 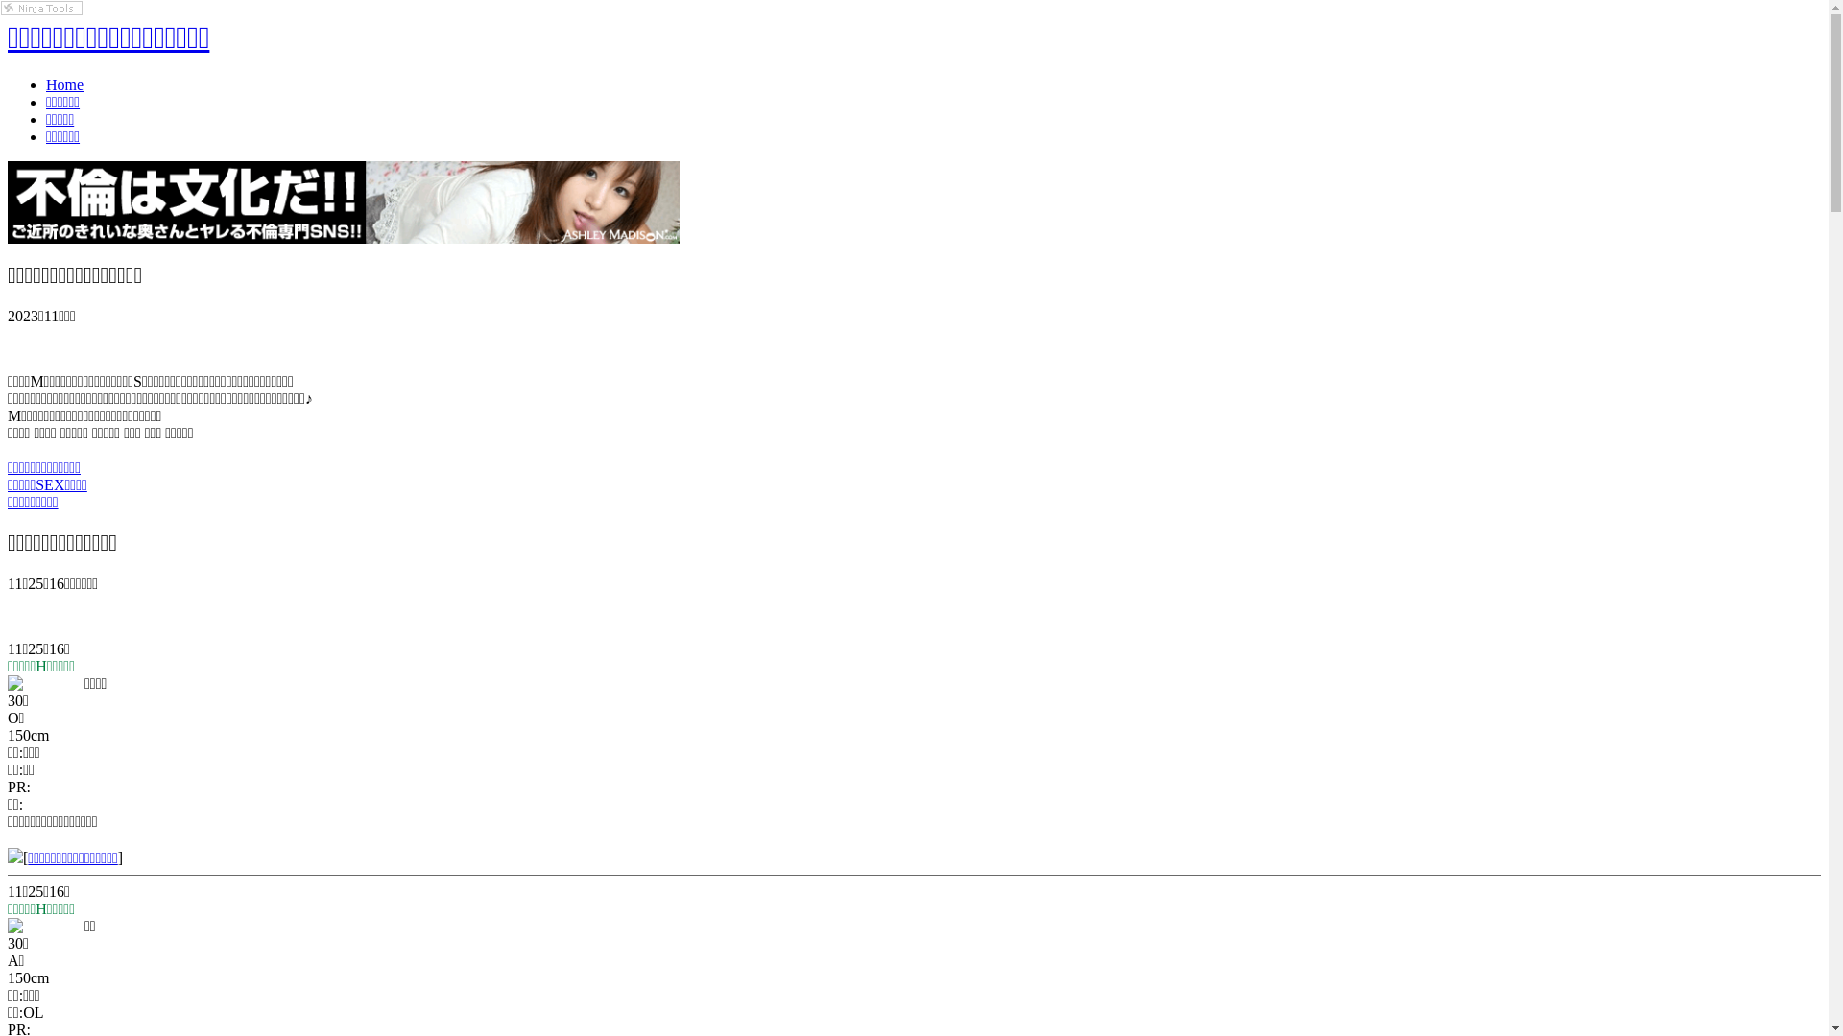 I want to click on 'Home', so click(x=64, y=83).